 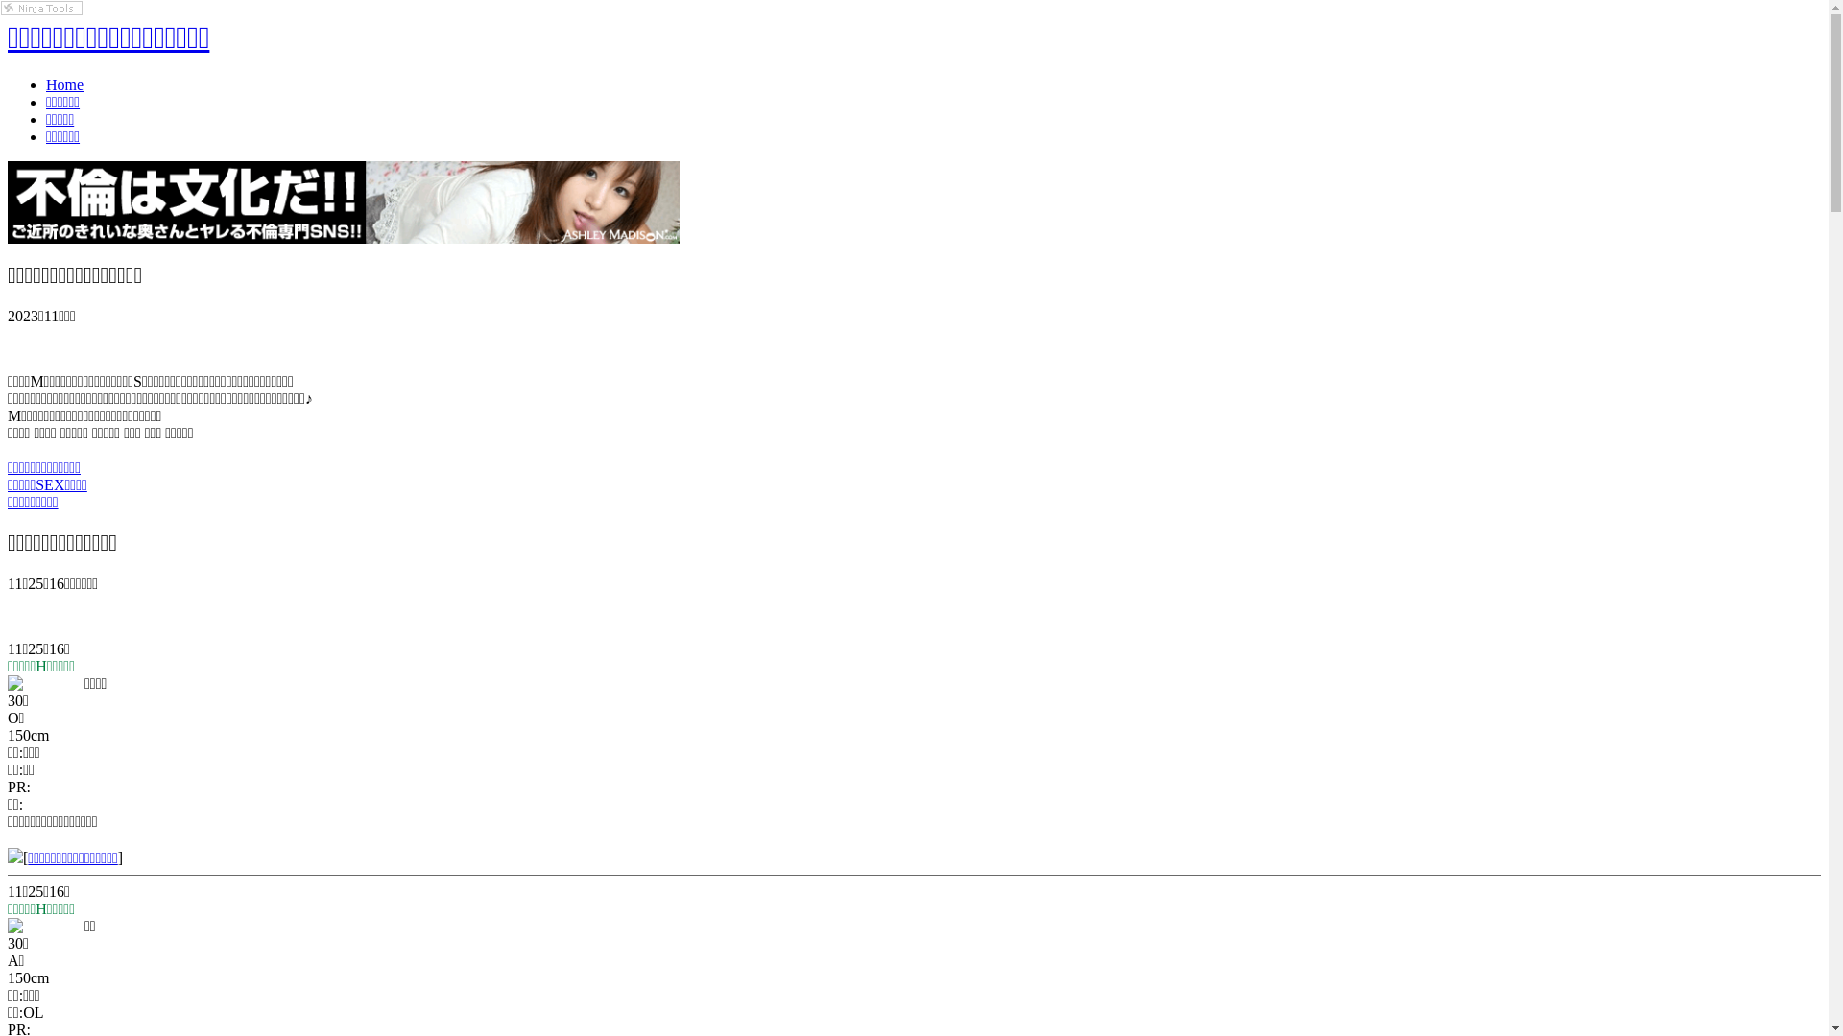 I want to click on 'Home', so click(x=64, y=83).